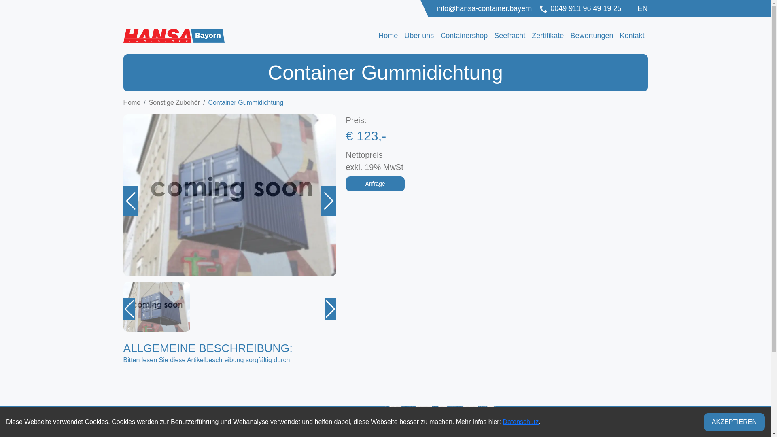  What do you see at coordinates (580, 8) in the screenshot?
I see `'0049 911 96 49 19 25'` at bounding box center [580, 8].